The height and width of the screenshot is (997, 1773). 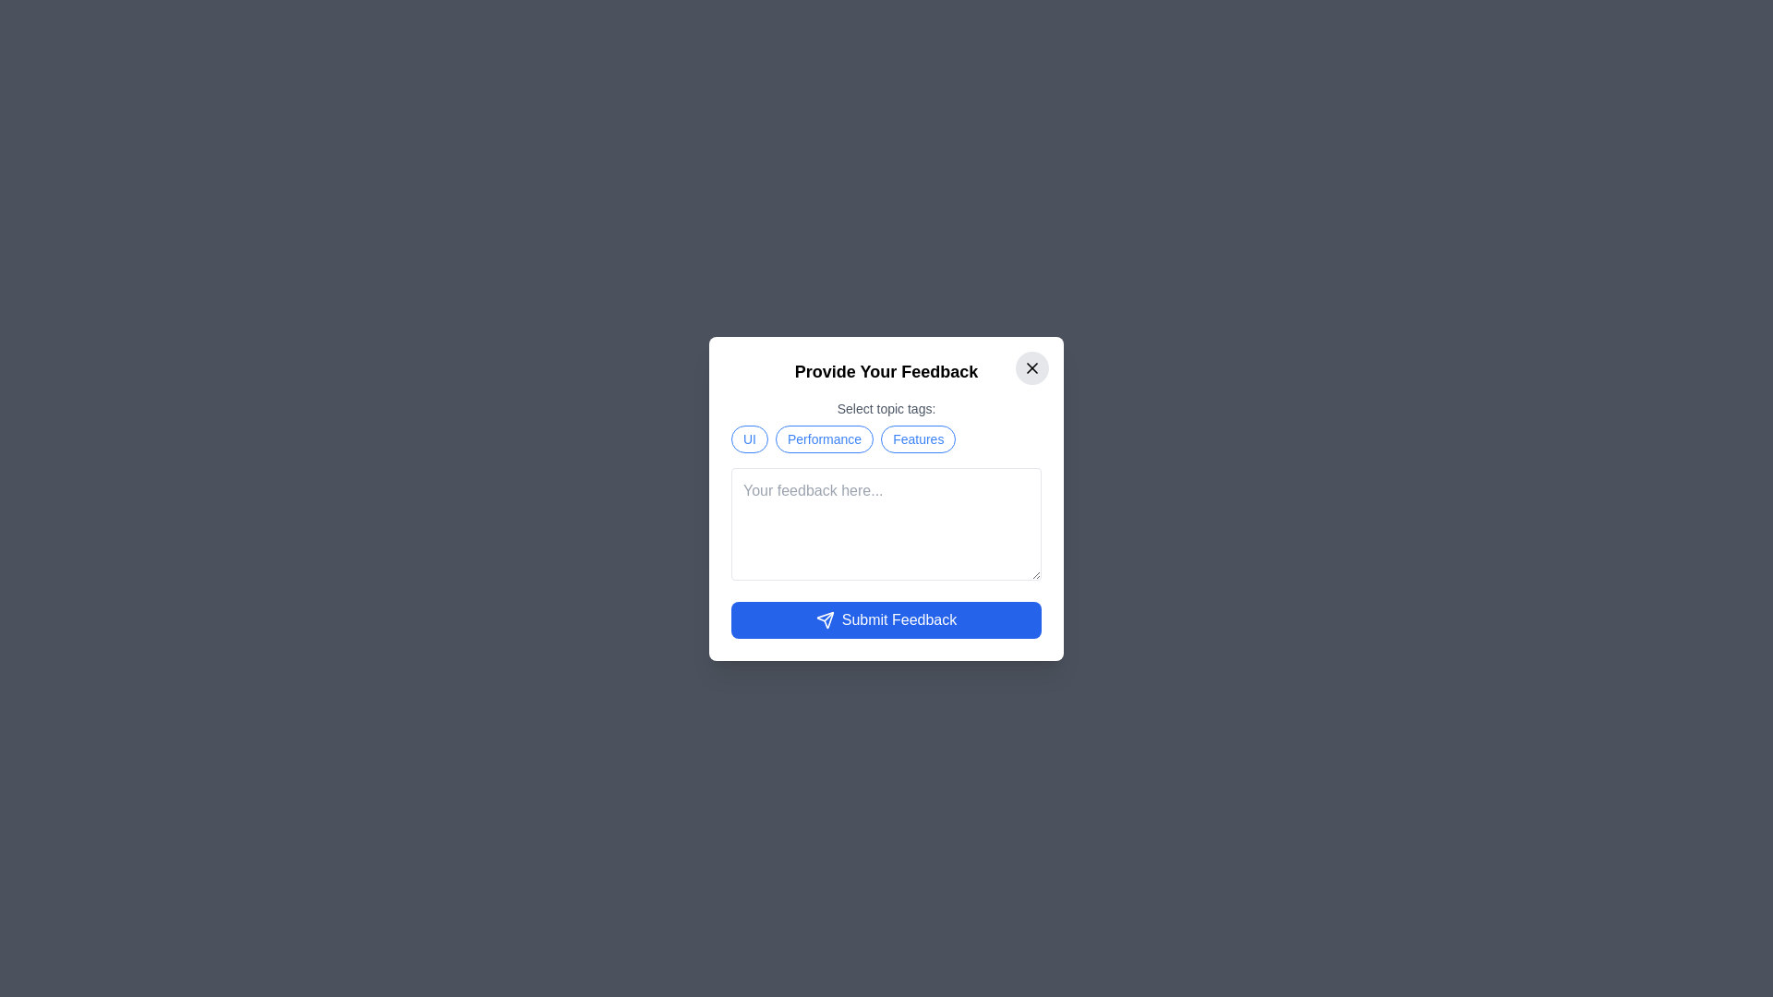 I want to click on the close button to close the dialog, so click(x=1031, y=366).